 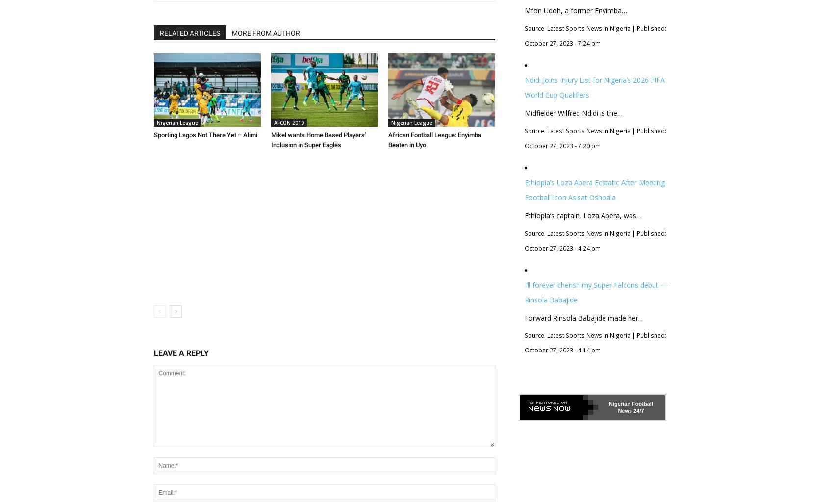 What do you see at coordinates (637, 410) in the screenshot?
I see `'24/7'` at bounding box center [637, 410].